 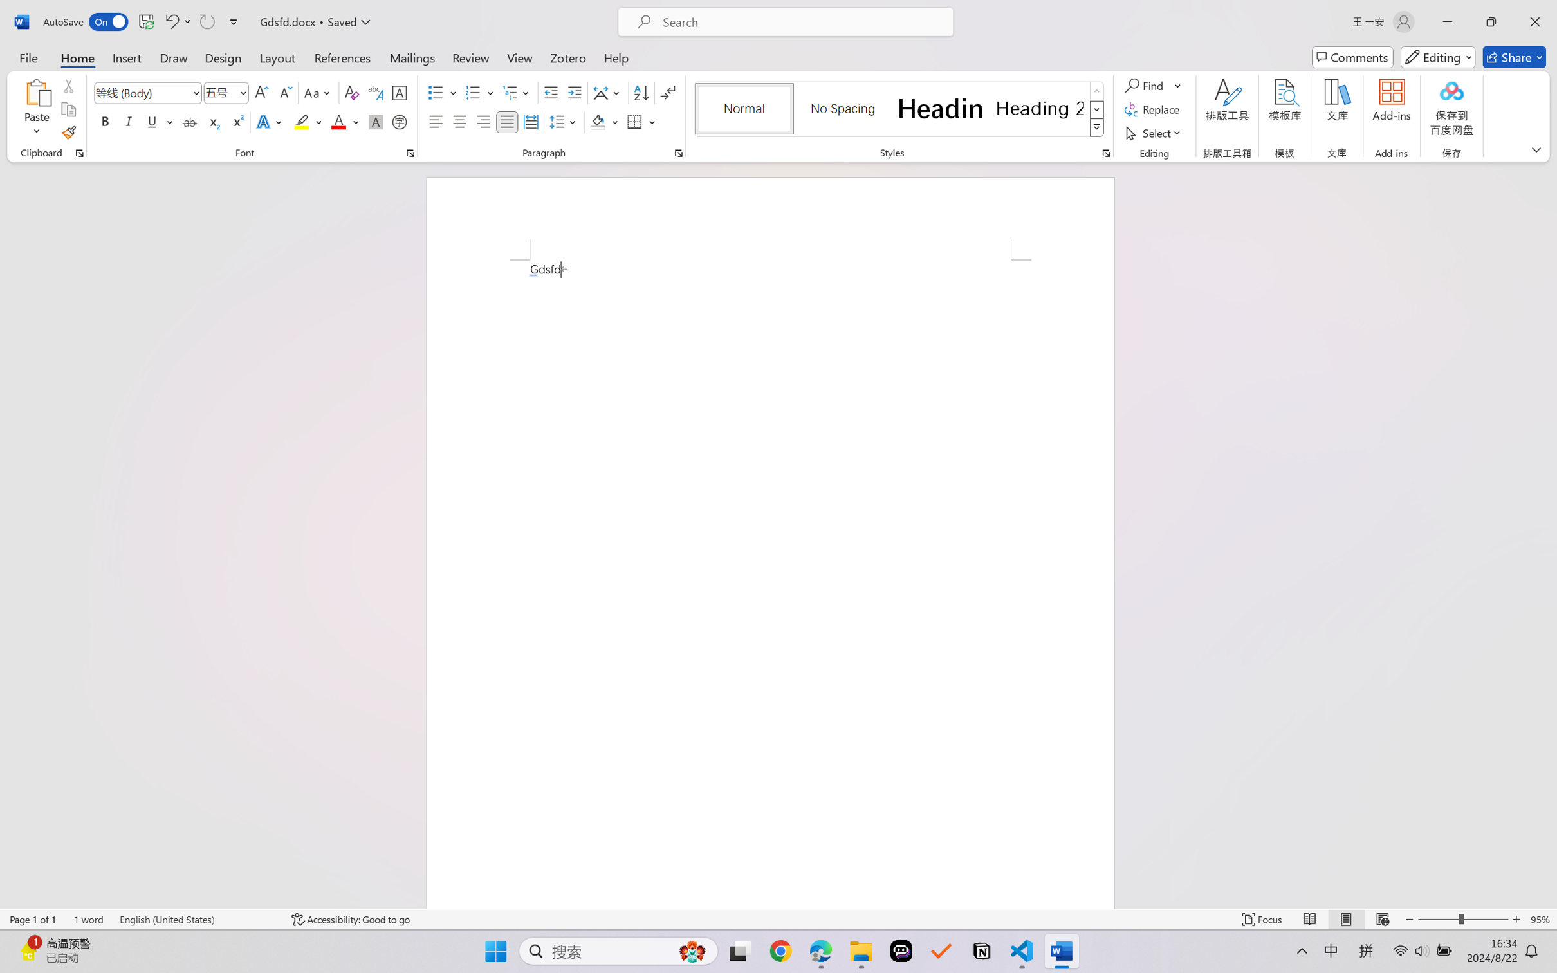 What do you see at coordinates (270, 121) in the screenshot?
I see `'Text Effects and Typography'` at bounding box center [270, 121].